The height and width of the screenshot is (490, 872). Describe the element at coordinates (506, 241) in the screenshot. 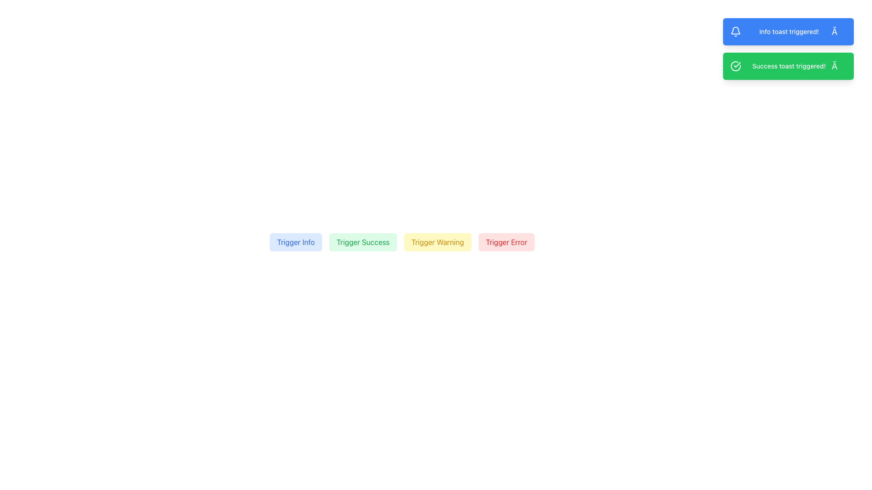

I see `the fourth button labeled 'Trigger Error' with a red border and light red background` at that location.